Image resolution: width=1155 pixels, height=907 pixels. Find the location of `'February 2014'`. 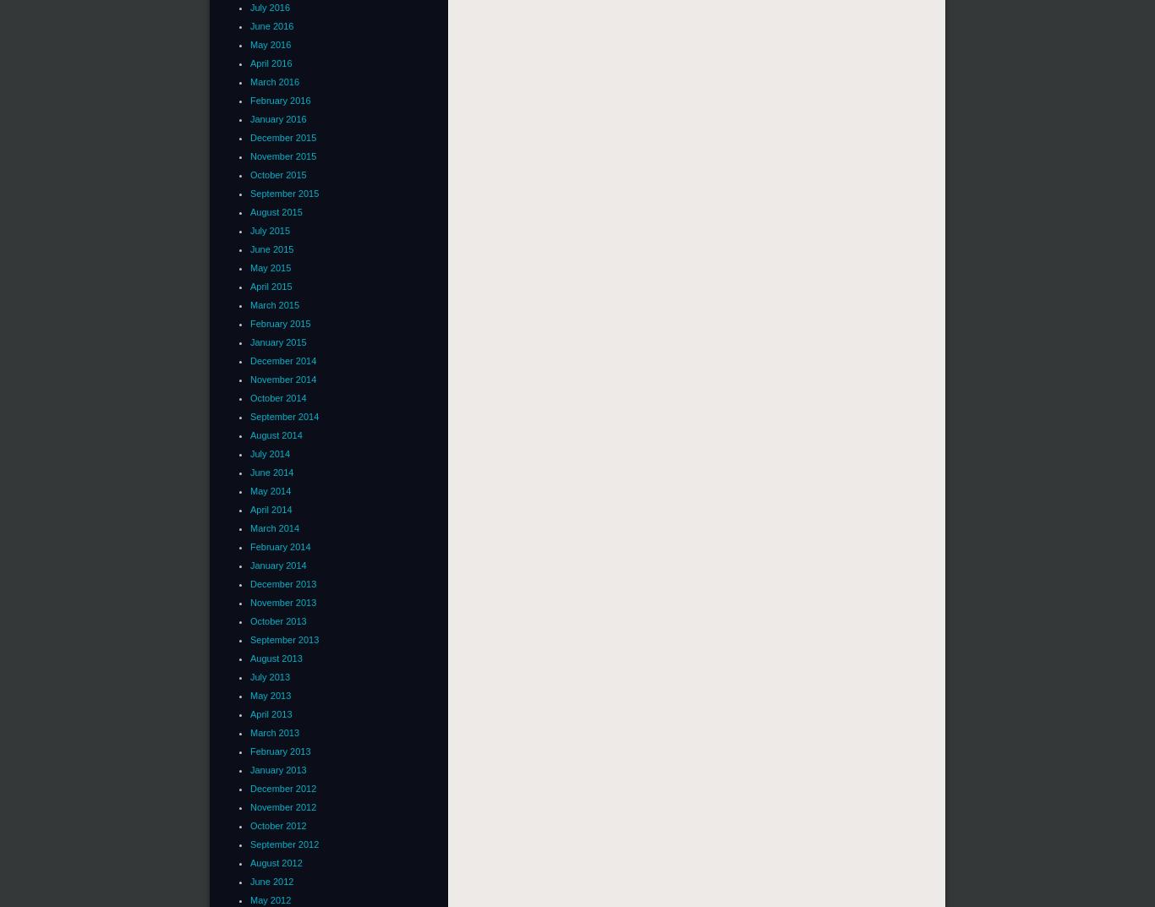

'February 2014' is located at coordinates (280, 545).